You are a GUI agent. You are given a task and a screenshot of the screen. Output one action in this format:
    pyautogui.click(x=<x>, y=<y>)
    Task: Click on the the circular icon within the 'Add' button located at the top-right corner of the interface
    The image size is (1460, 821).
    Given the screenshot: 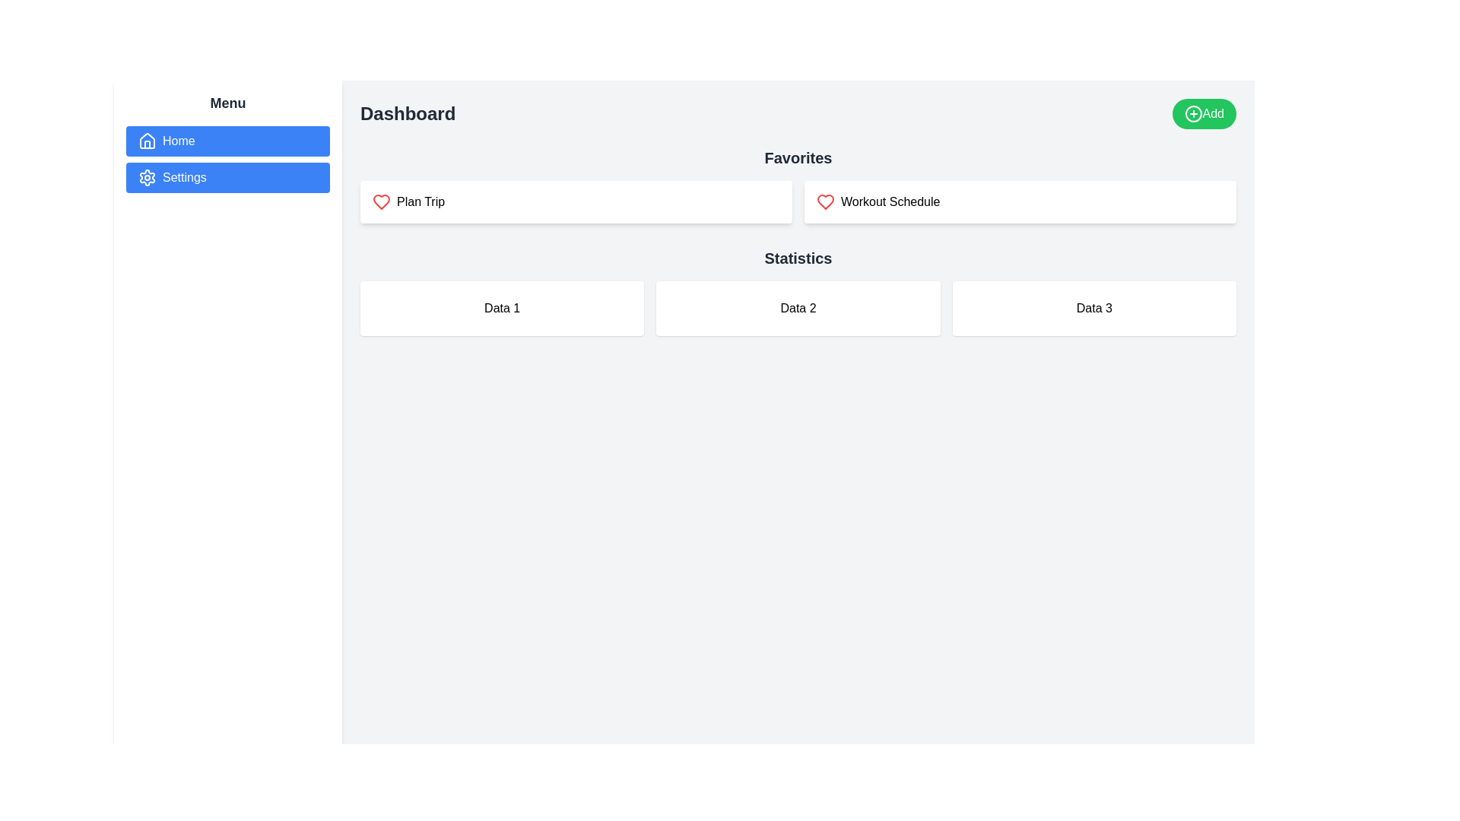 What is the action you would take?
    pyautogui.click(x=1192, y=113)
    